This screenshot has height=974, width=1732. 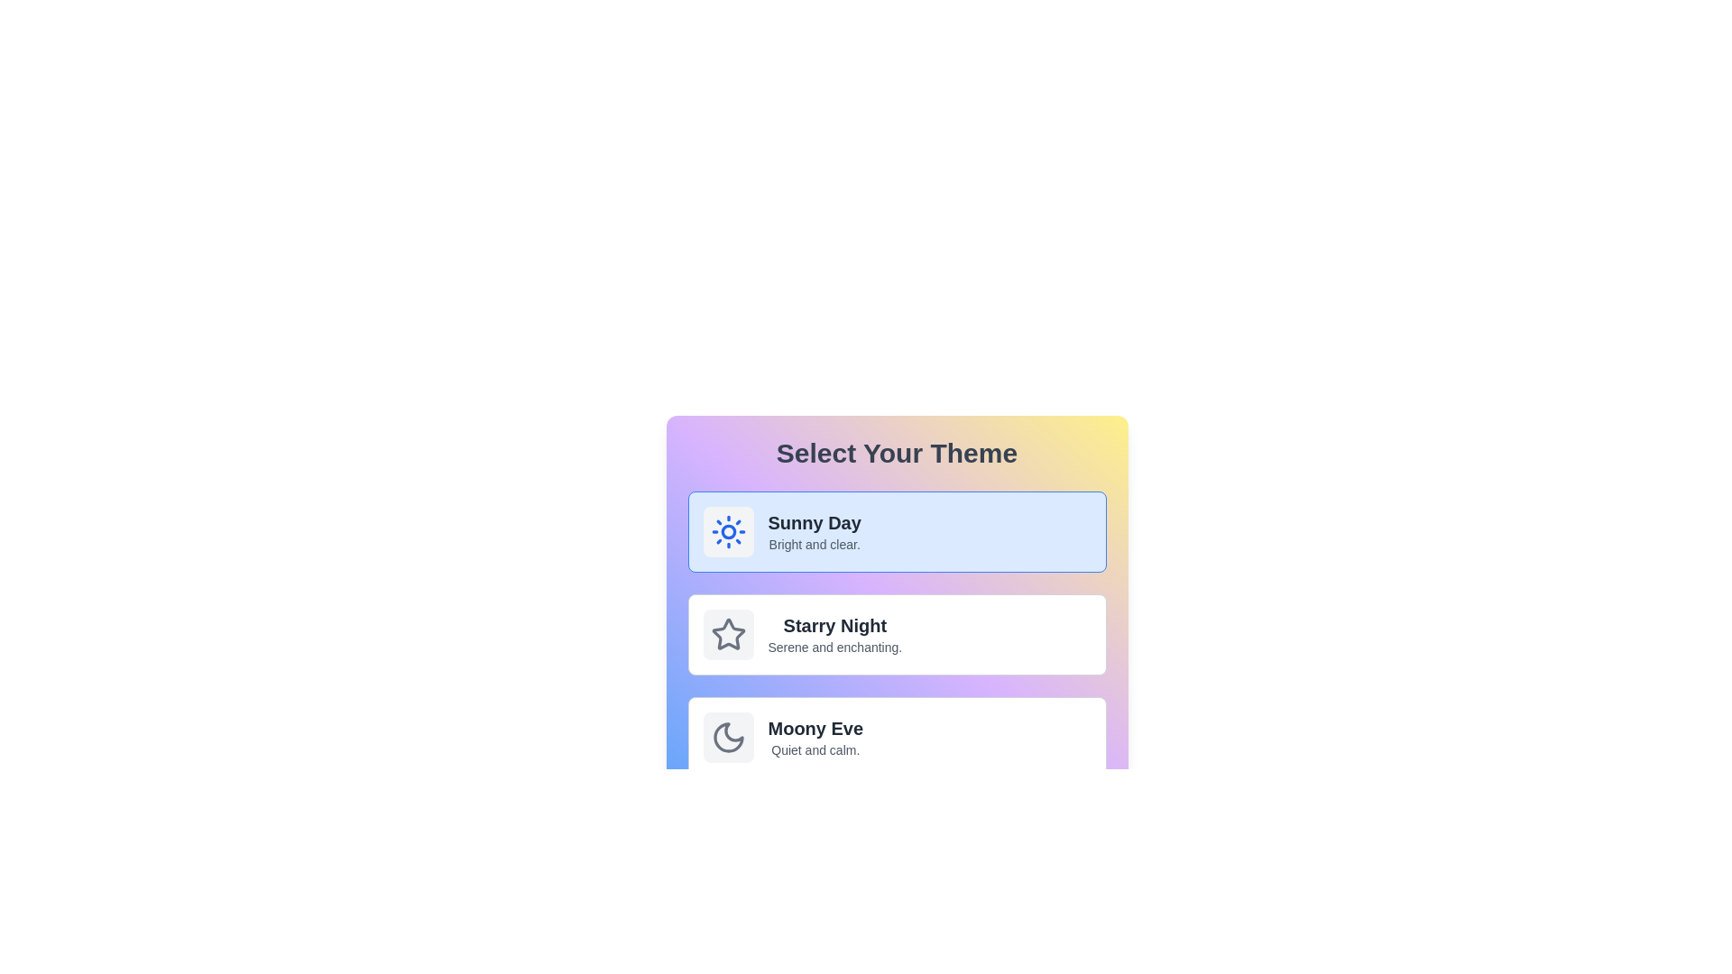 I want to click on the selectable option for the theme 'Starry Night', so click(x=834, y=634).